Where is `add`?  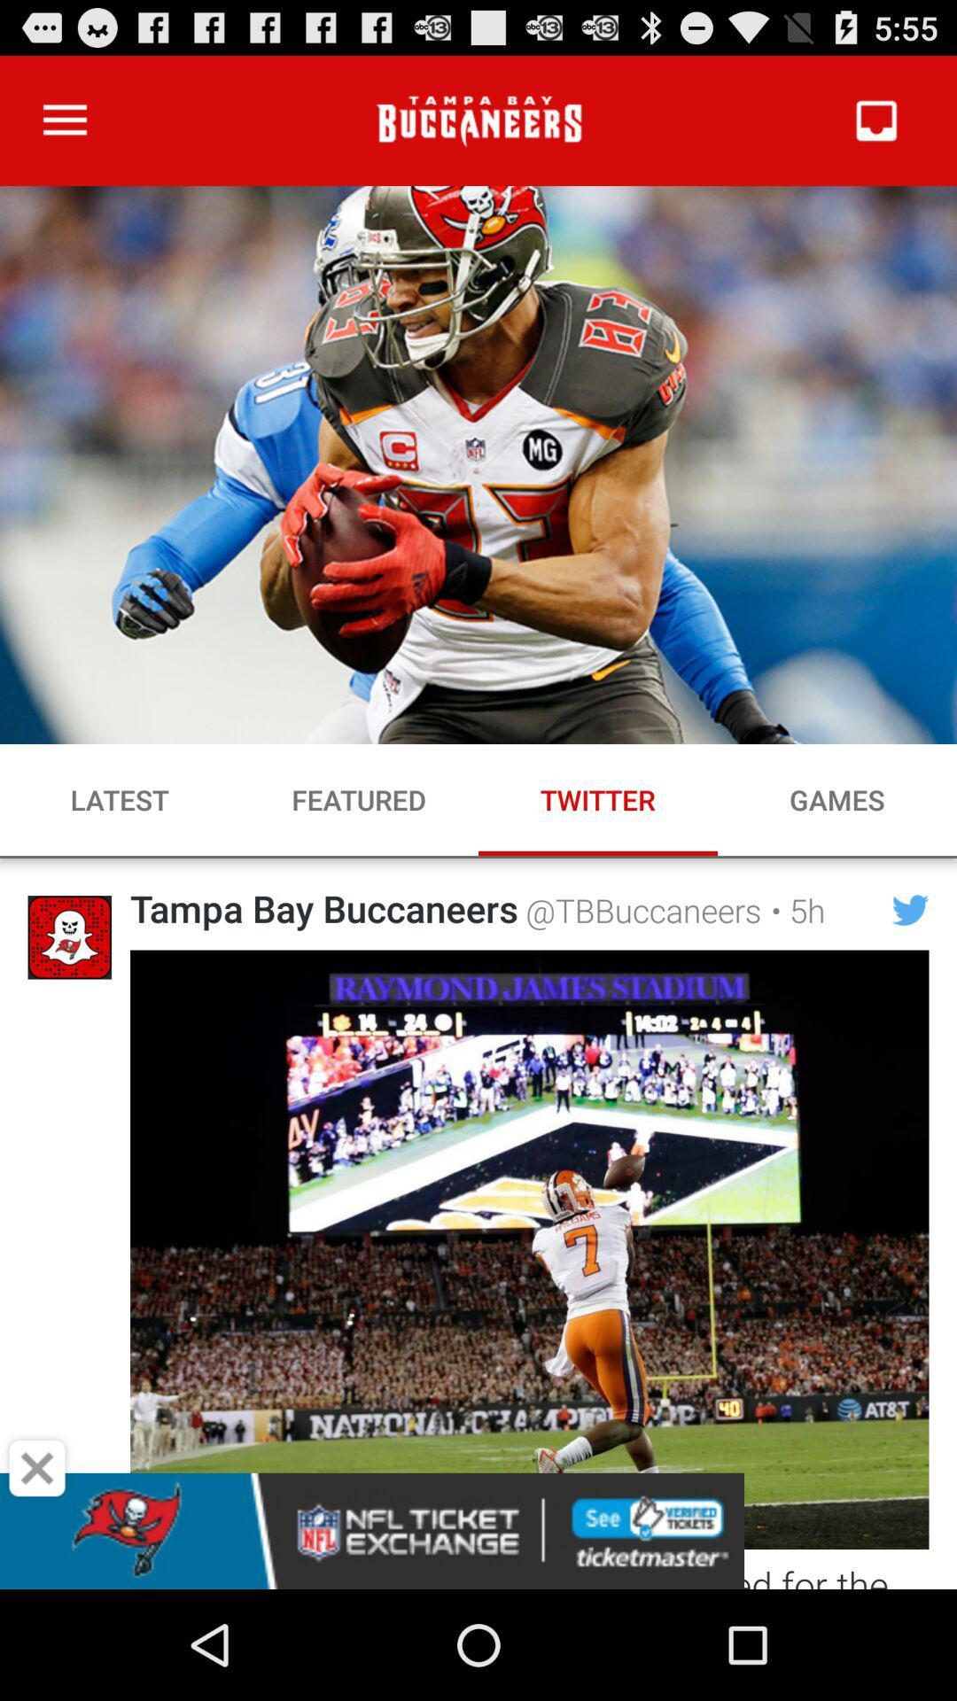 add is located at coordinates (37, 1468).